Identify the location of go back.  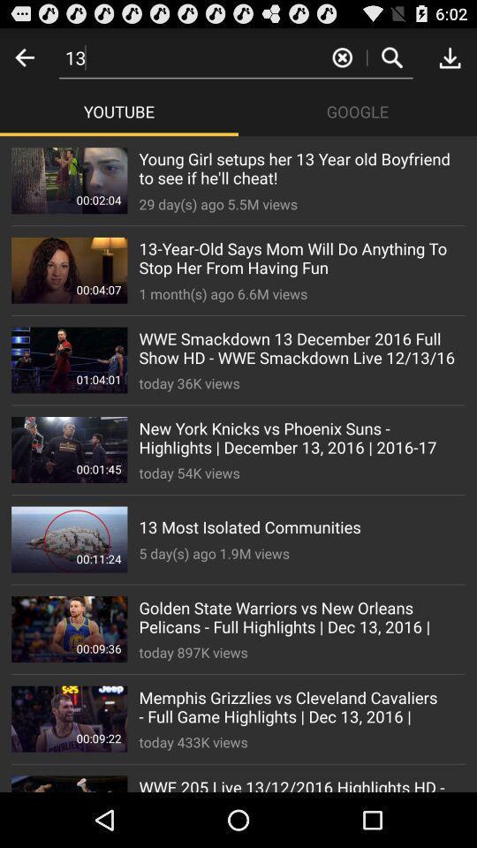
(23, 57).